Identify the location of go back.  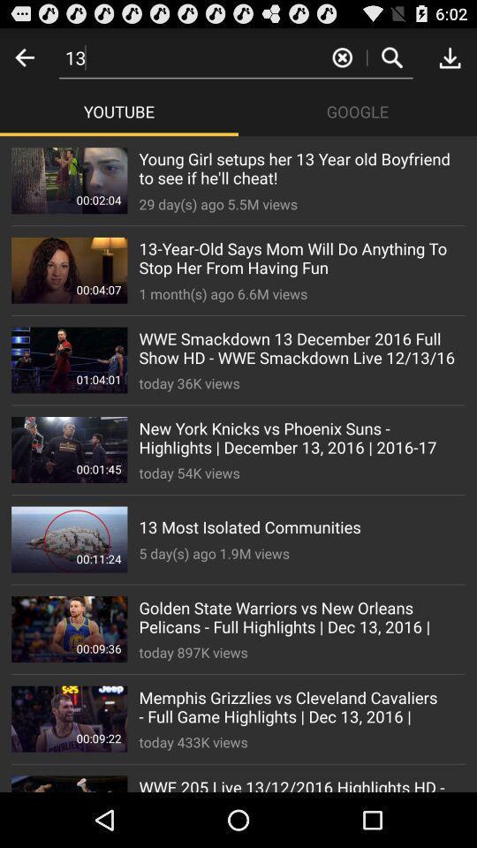
(23, 57).